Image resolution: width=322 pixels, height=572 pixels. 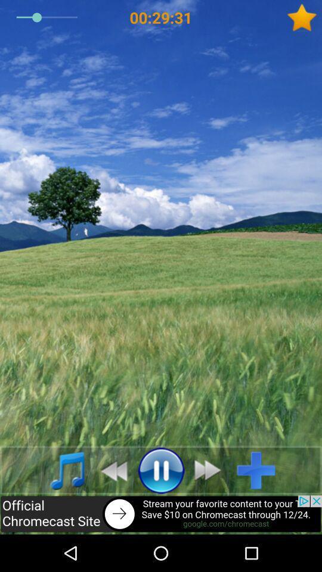 What do you see at coordinates (210, 470) in the screenshot?
I see `next` at bounding box center [210, 470].